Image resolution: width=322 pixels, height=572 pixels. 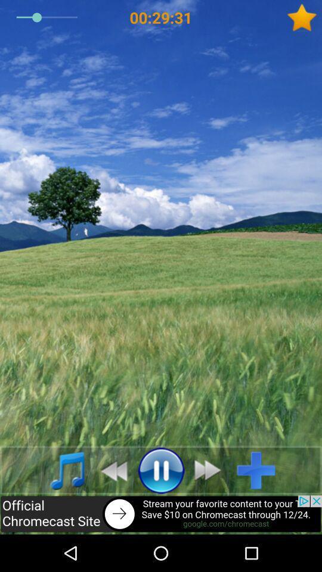 What do you see at coordinates (210, 470) in the screenshot?
I see `next` at bounding box center [210, 470].